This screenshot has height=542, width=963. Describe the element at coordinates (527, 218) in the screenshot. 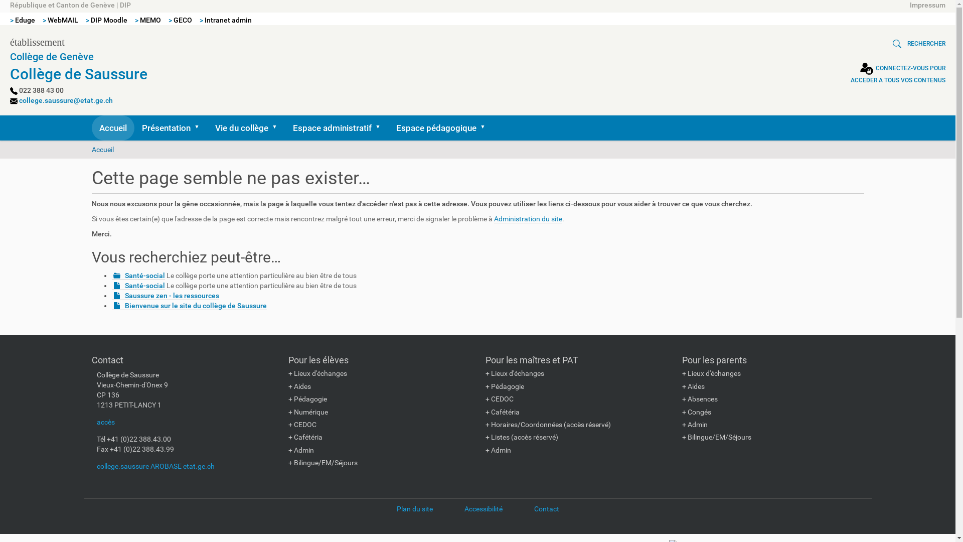

I see `'Administration du site'` at that location.